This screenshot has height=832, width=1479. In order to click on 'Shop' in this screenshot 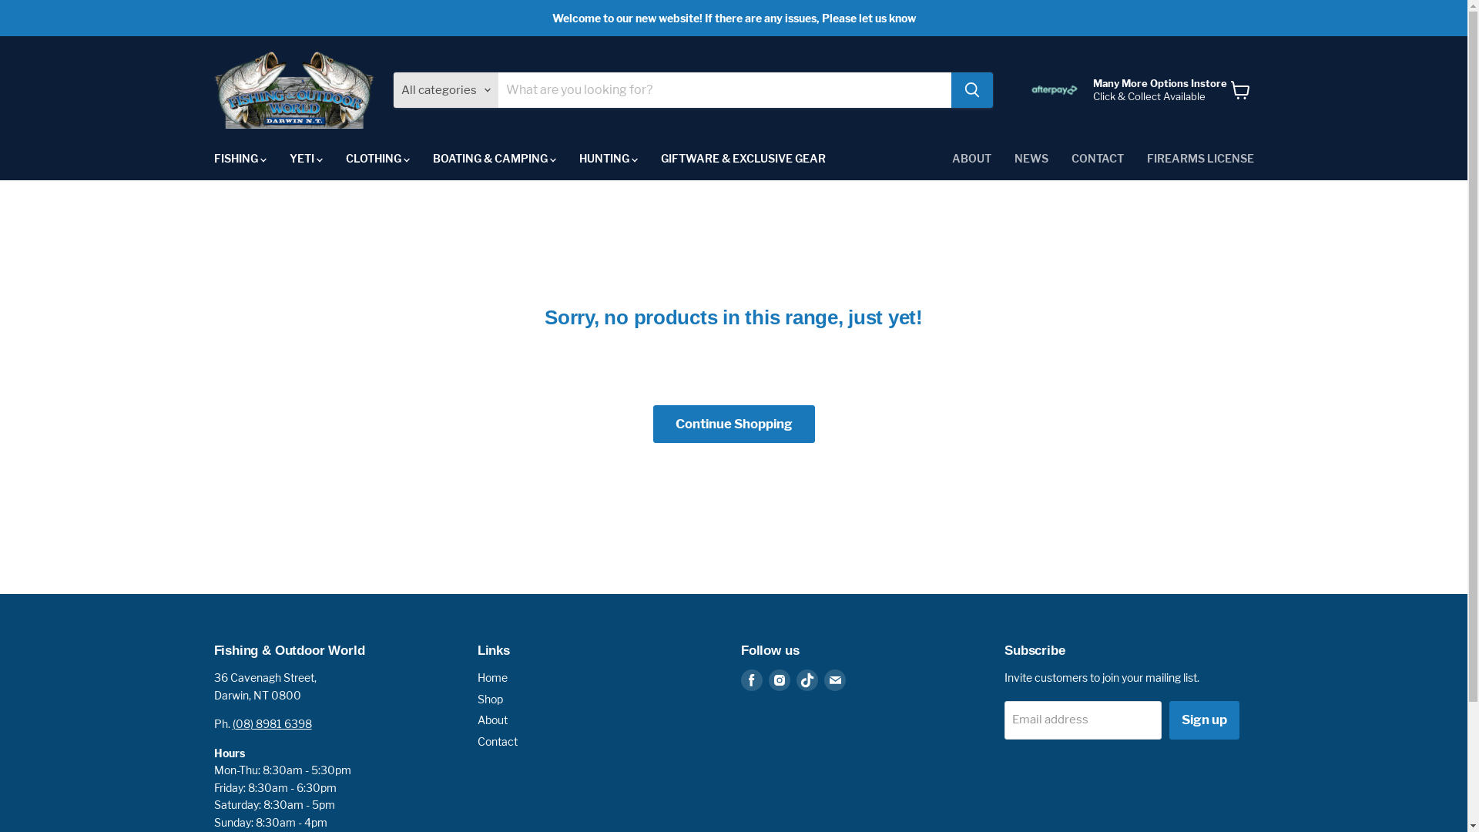, I will do `click(489, 699)`.